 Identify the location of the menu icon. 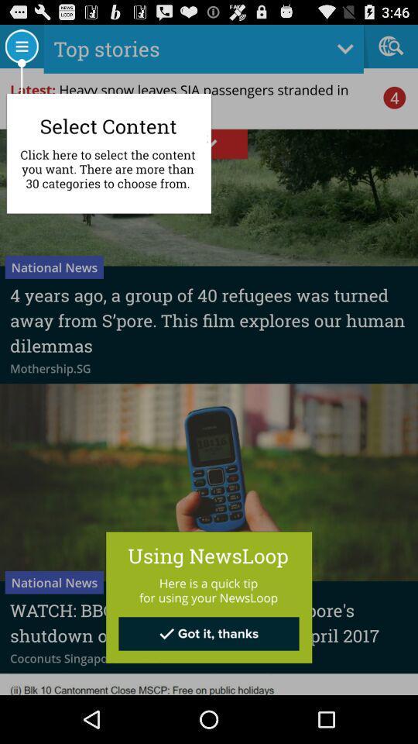
(19, 49).